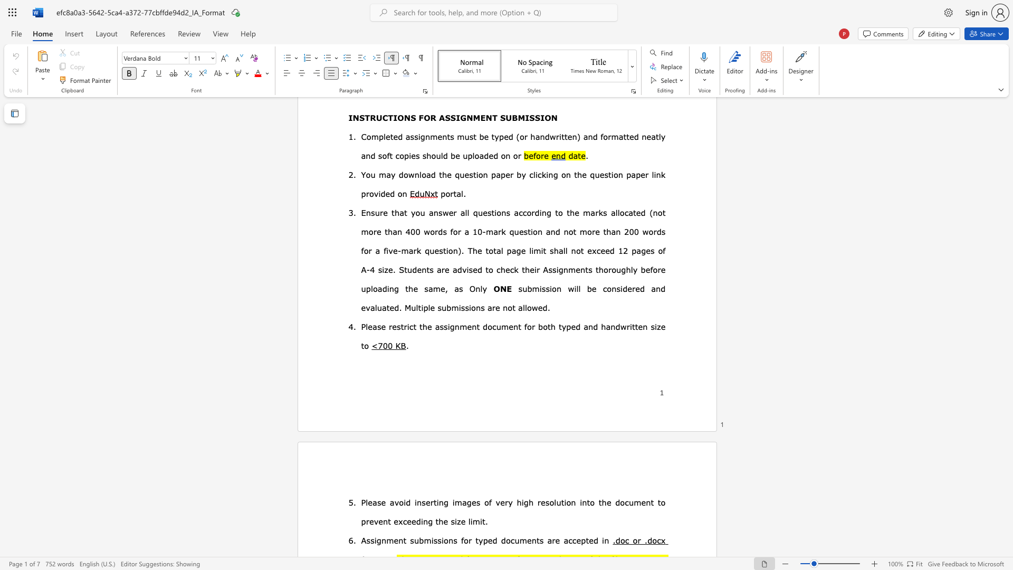 The height and width of the screenshot is (570, 1013). What do you see at coordinates (463, 540) in the screenshot?
I see `the subset text "or typed d" within the text "for typed documents"` at bounding box center [463, 540].